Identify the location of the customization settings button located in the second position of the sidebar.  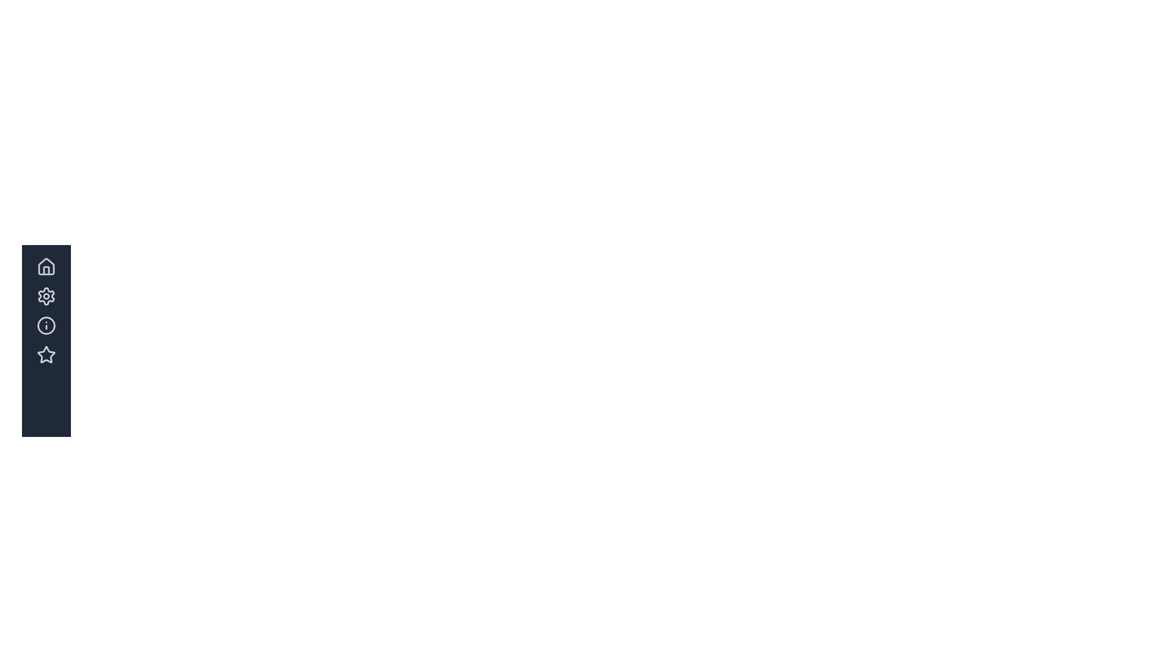
(46, 296).